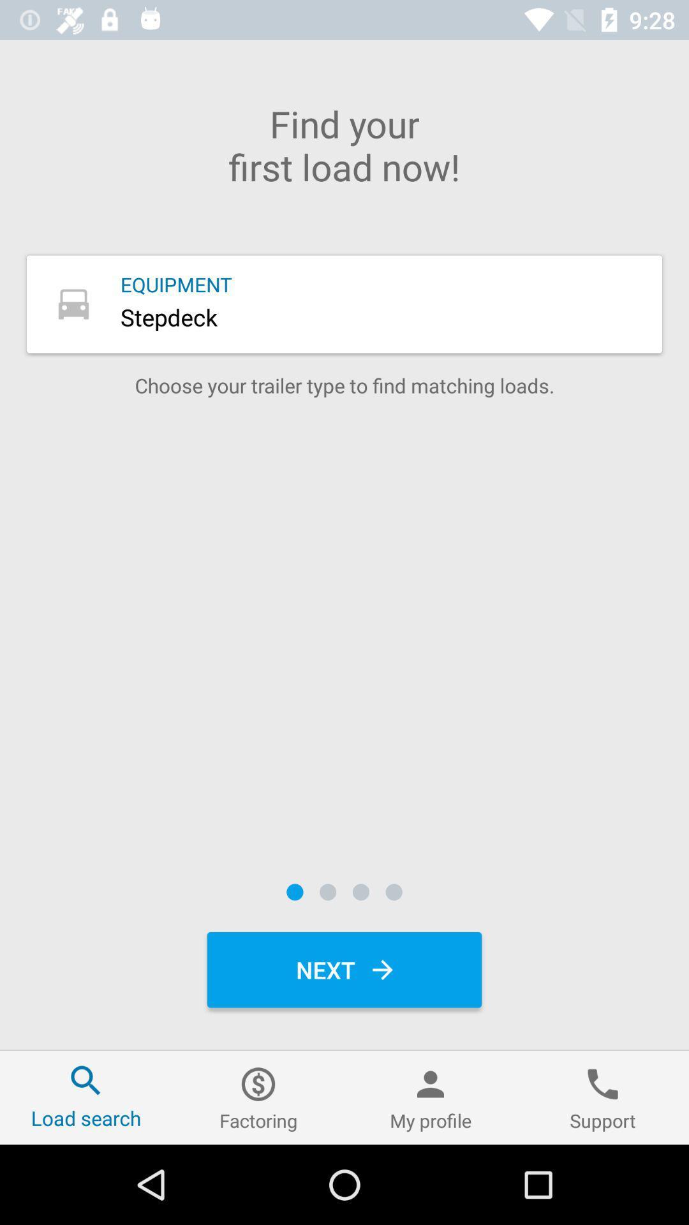  I want to click on next     icon, so click(344, 970).